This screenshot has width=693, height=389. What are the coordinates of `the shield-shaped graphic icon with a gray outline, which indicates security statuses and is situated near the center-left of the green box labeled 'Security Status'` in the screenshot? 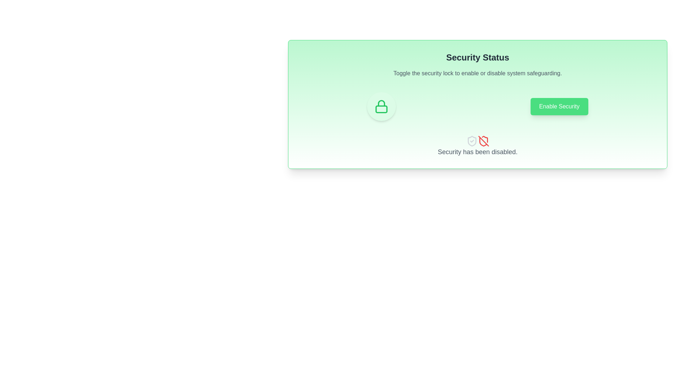 It's located at (472, 141).